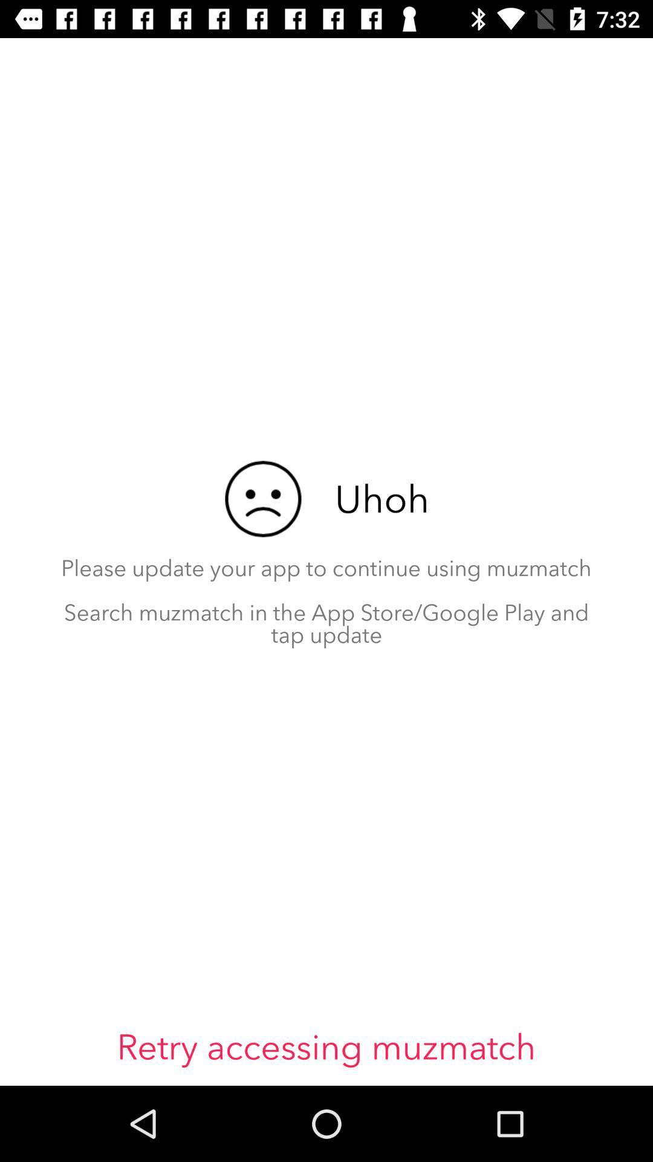 This screenshot has height=1162, width=653. I want to click on icon below please update your item, so click(326, 1047).